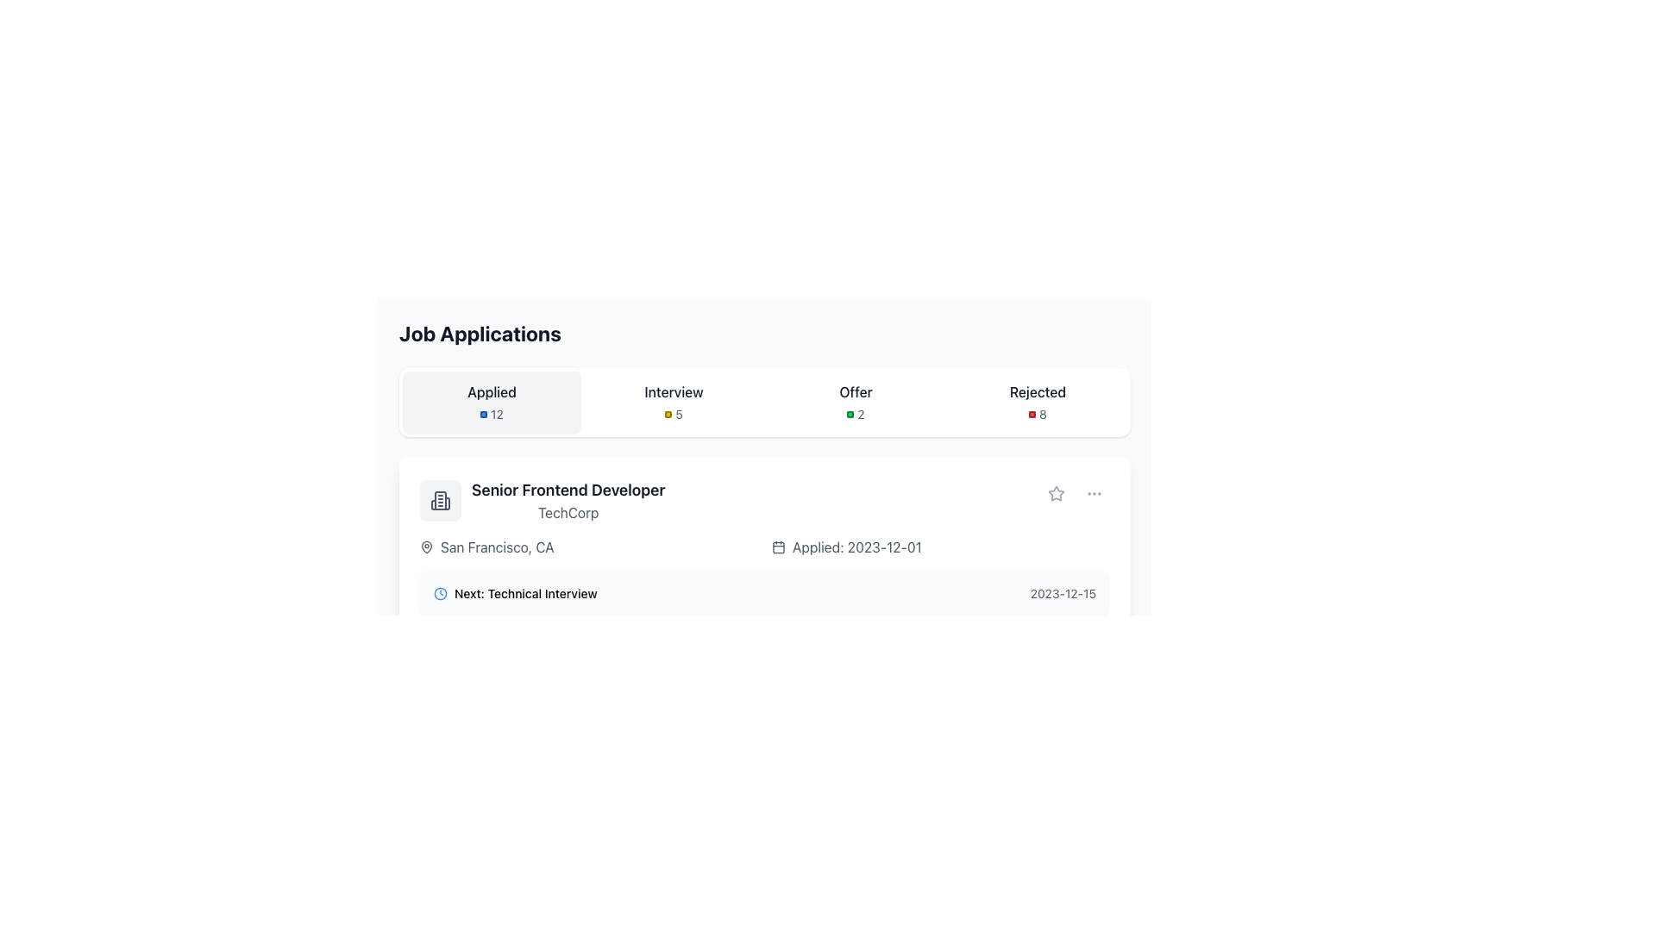 Image resolution: width=1656 pixels, height=931 pixels. Describe the element at coordinates (1062, 593) in the screenshot. I see `the Text label displaying '2023-12-15' in a small gray font, positioned in the lower right portion of the job application card for the Senior Frontend Developer position` at that location.